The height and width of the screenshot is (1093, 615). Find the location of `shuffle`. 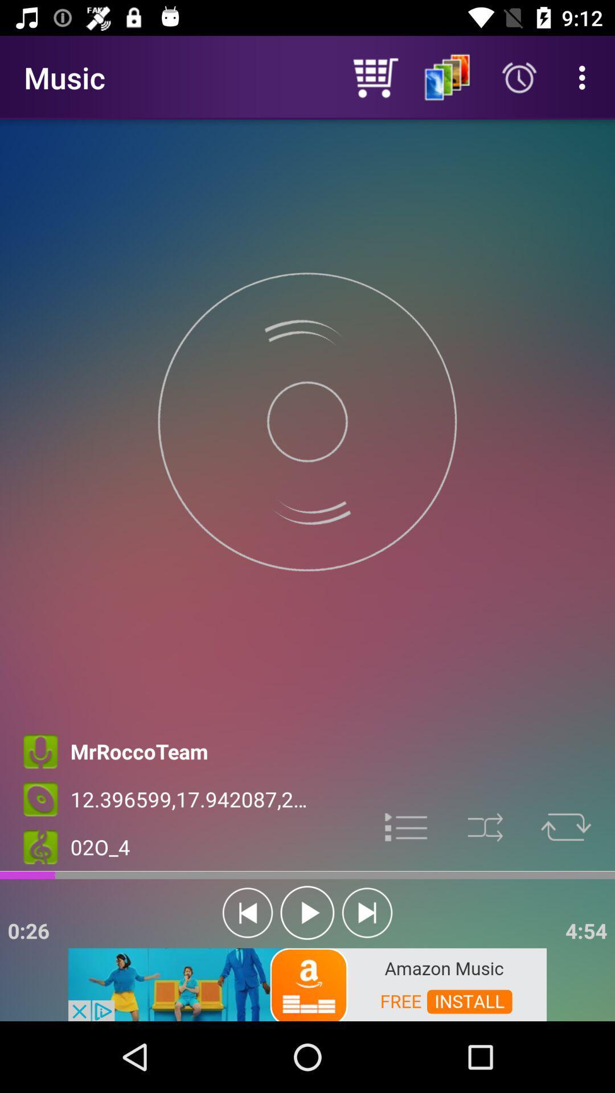

shuffle is located at coordinates (485, 827).